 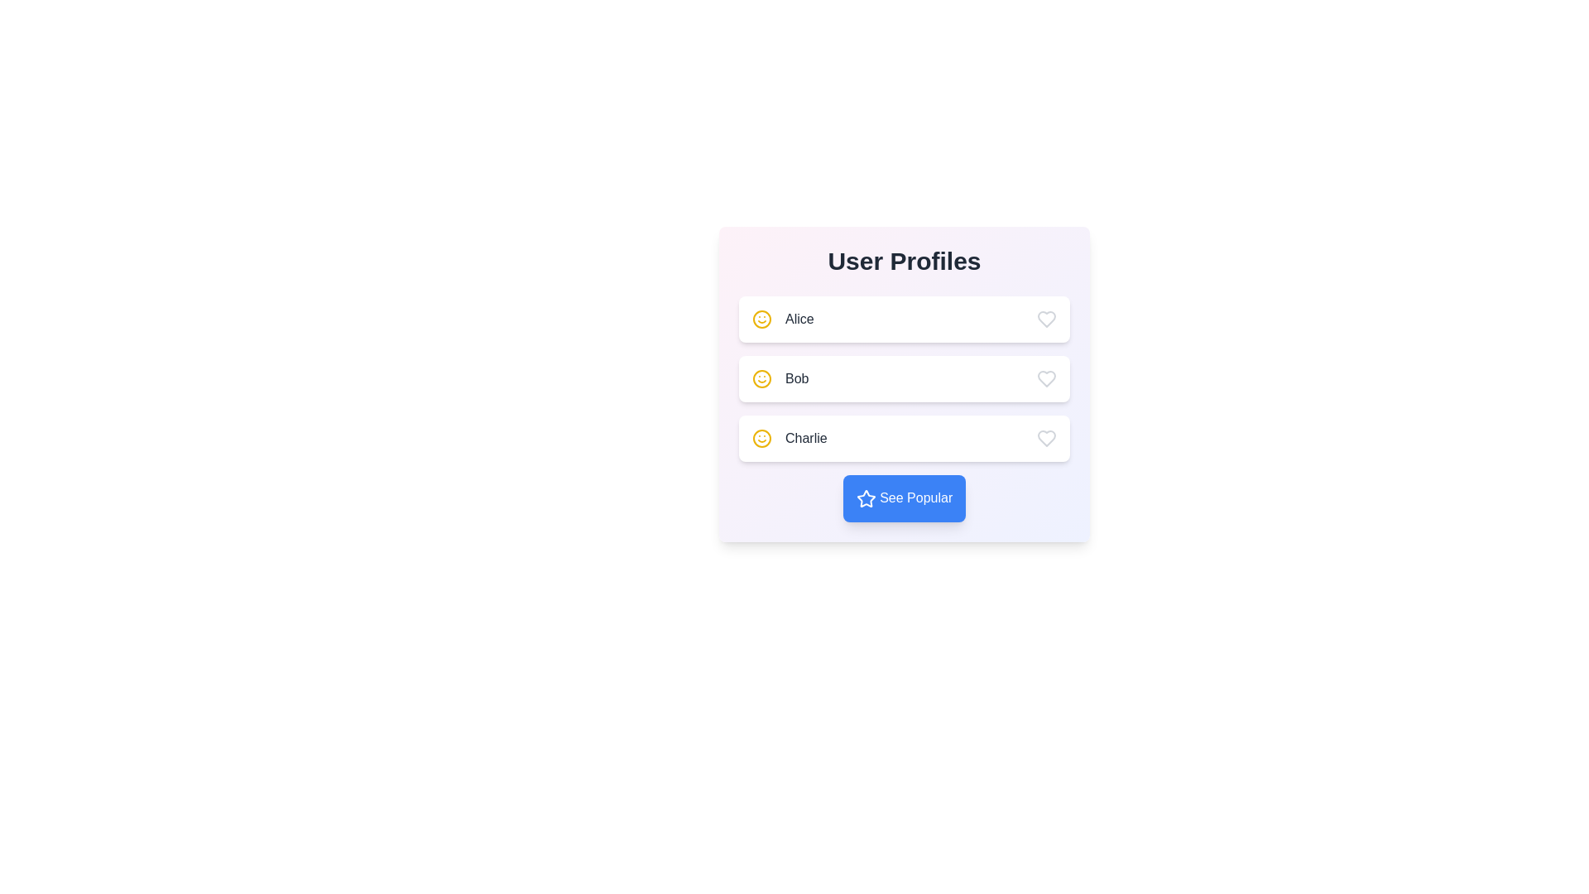 I want to click on the star-shaped vector graphic icon located within the 'See Popular' button, which is vibrant blue with white text, positioned at the bottom-right of the user profiles section, so click(x=865, y=497).